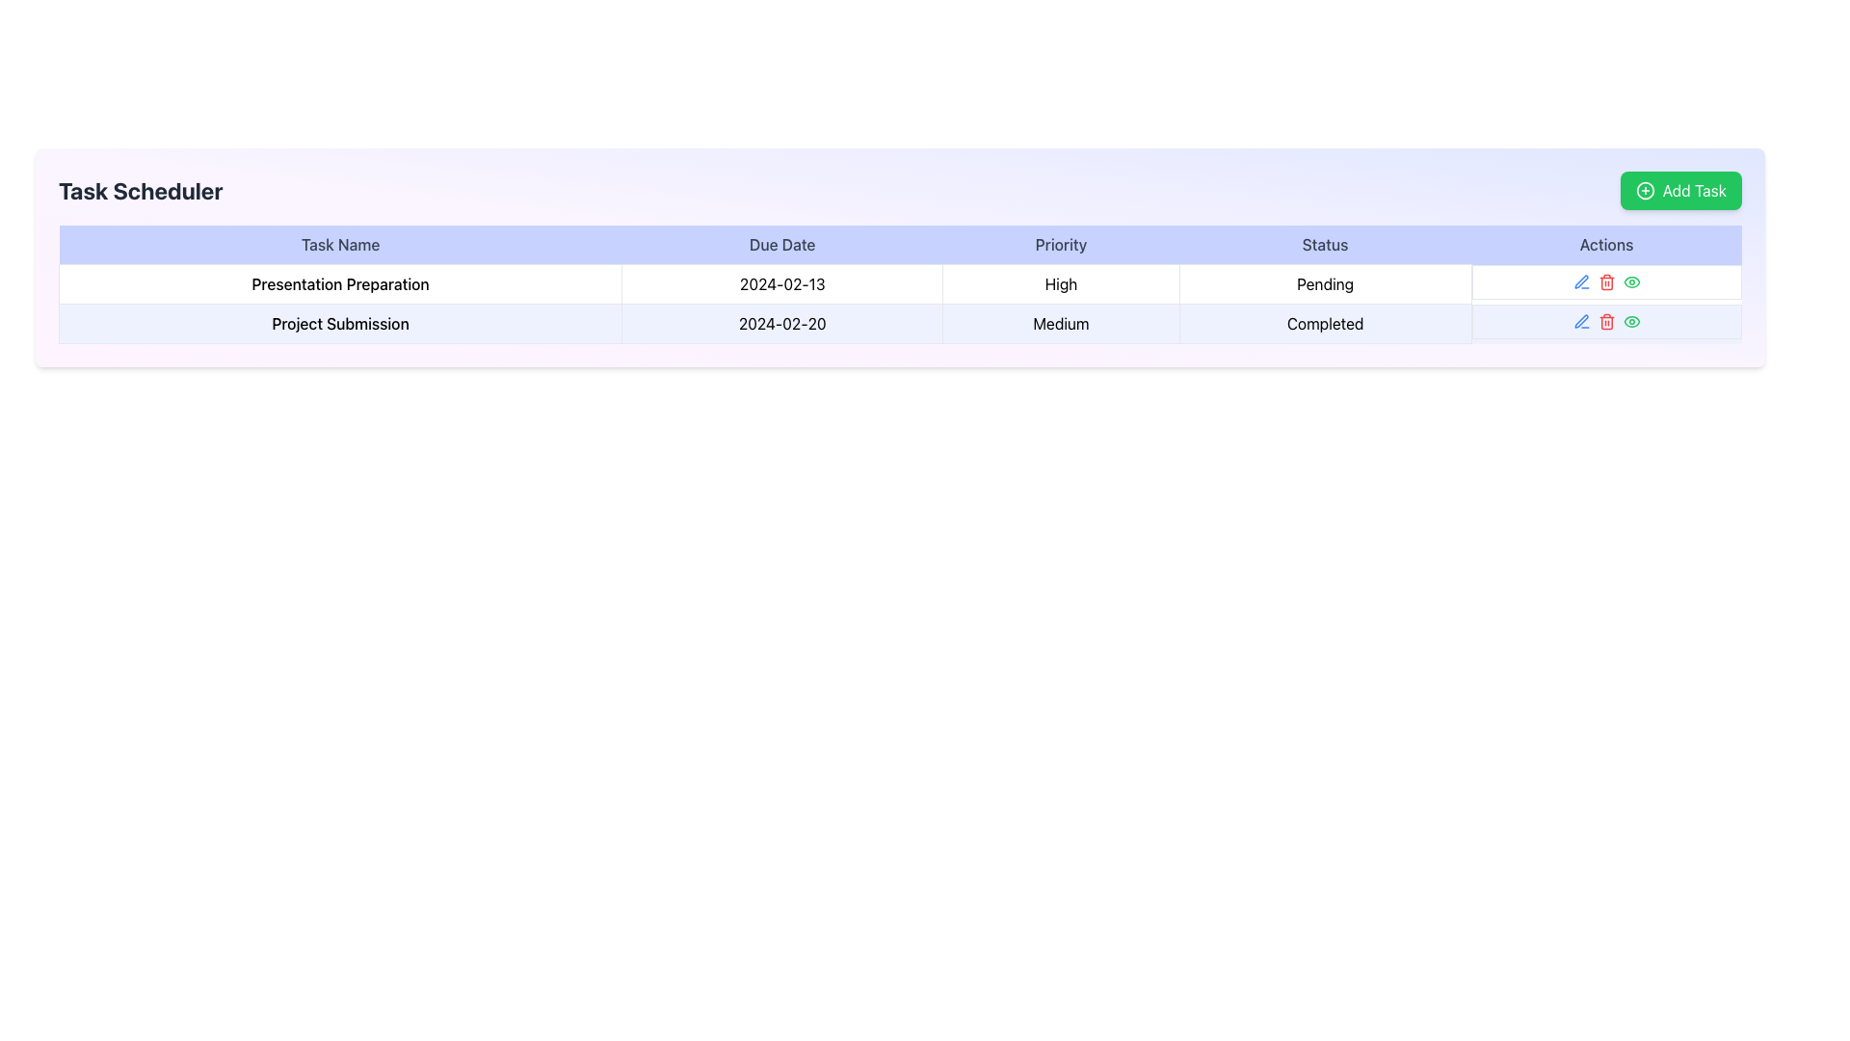 This screenshot has height=1041, width=1850. What do you see at coordinates (1581, 281) in the screenshot?
I see `the pen icon located in the 'Actions' column of the second row in the task table, which is part of an edit or drawing tool set` at bounding box center [1581, 281].